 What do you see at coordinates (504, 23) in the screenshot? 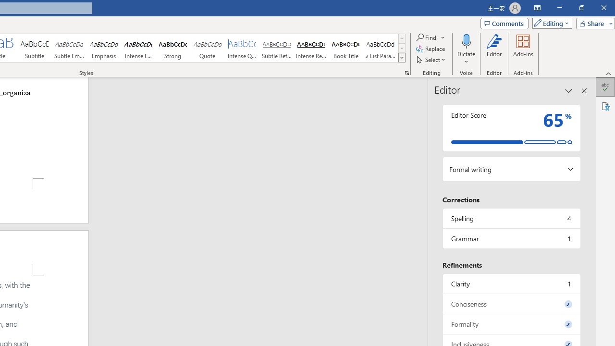
I see `'Comments'` at bounding box center [504, 23].